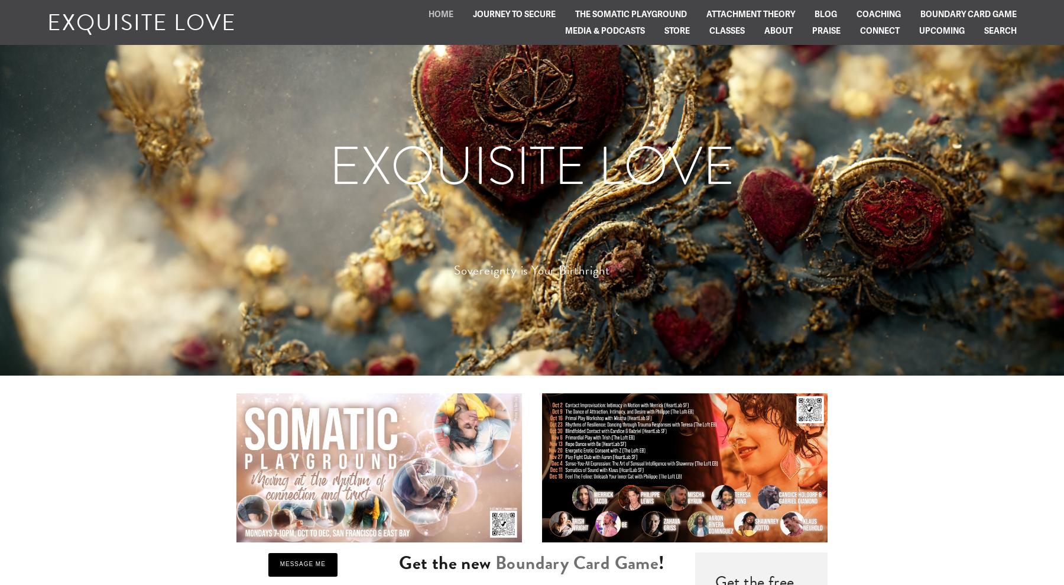 The image size is (1064, 585). What do you see at coordinates (514, 14) in the screenshot?
I see `'Journey to Secure'` at bounding box center [514, 14].